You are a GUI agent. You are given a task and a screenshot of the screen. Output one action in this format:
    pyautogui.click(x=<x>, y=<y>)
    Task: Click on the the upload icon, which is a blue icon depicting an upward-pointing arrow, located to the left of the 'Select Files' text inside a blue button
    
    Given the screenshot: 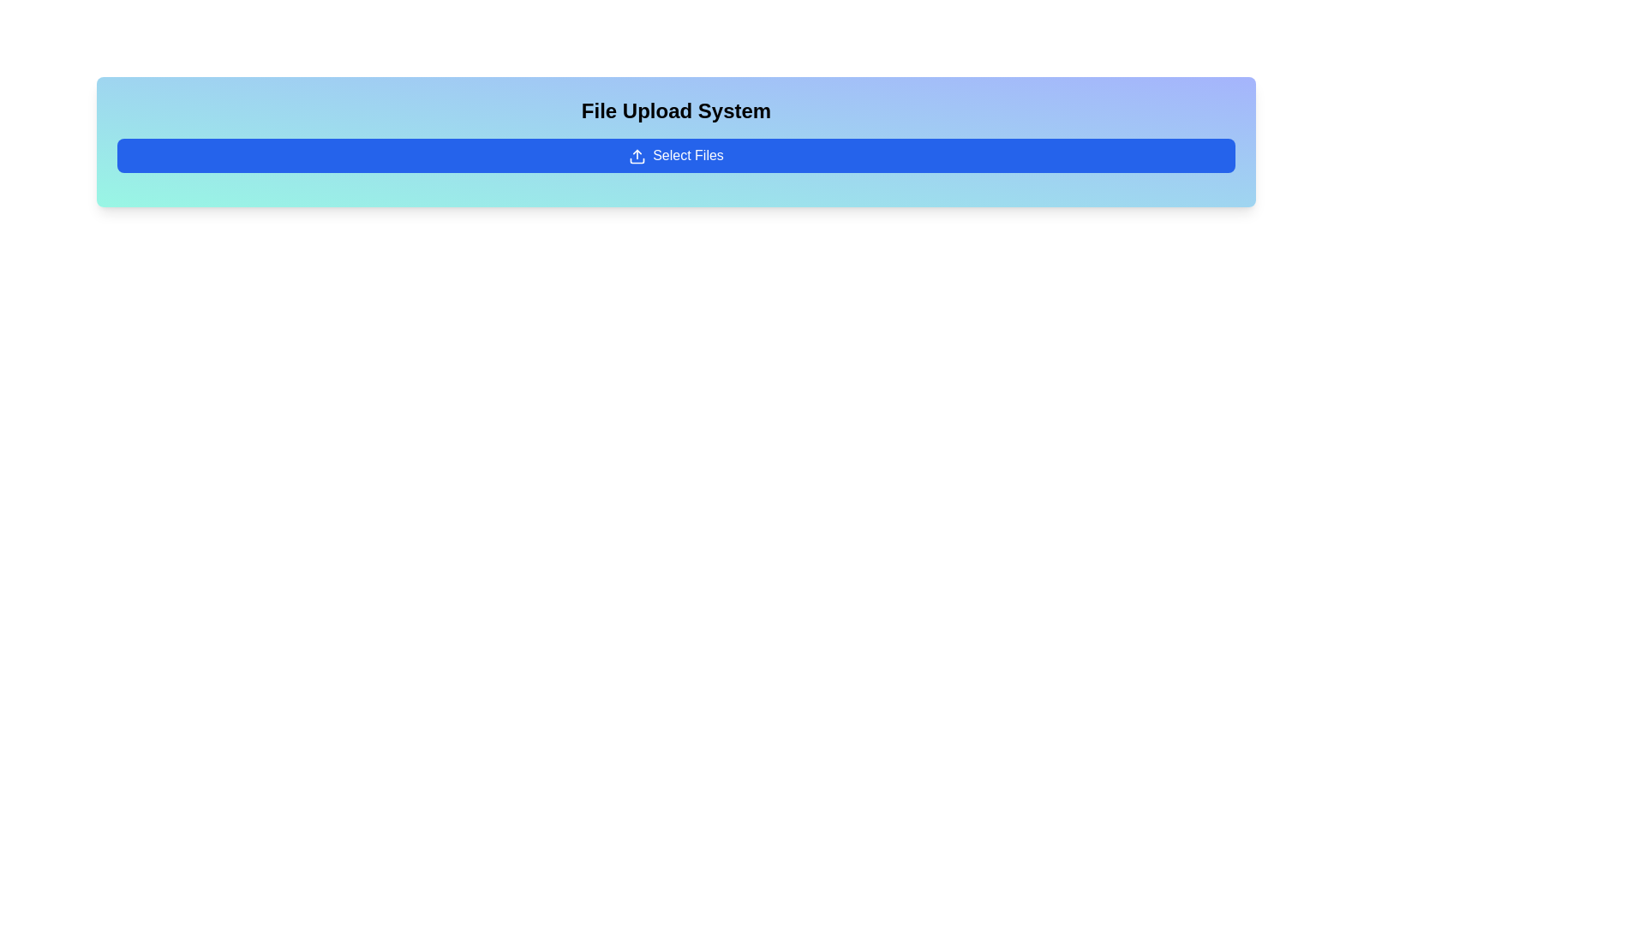 What is the action you would take?
    pyautogui.click(x=637, y=156)
    